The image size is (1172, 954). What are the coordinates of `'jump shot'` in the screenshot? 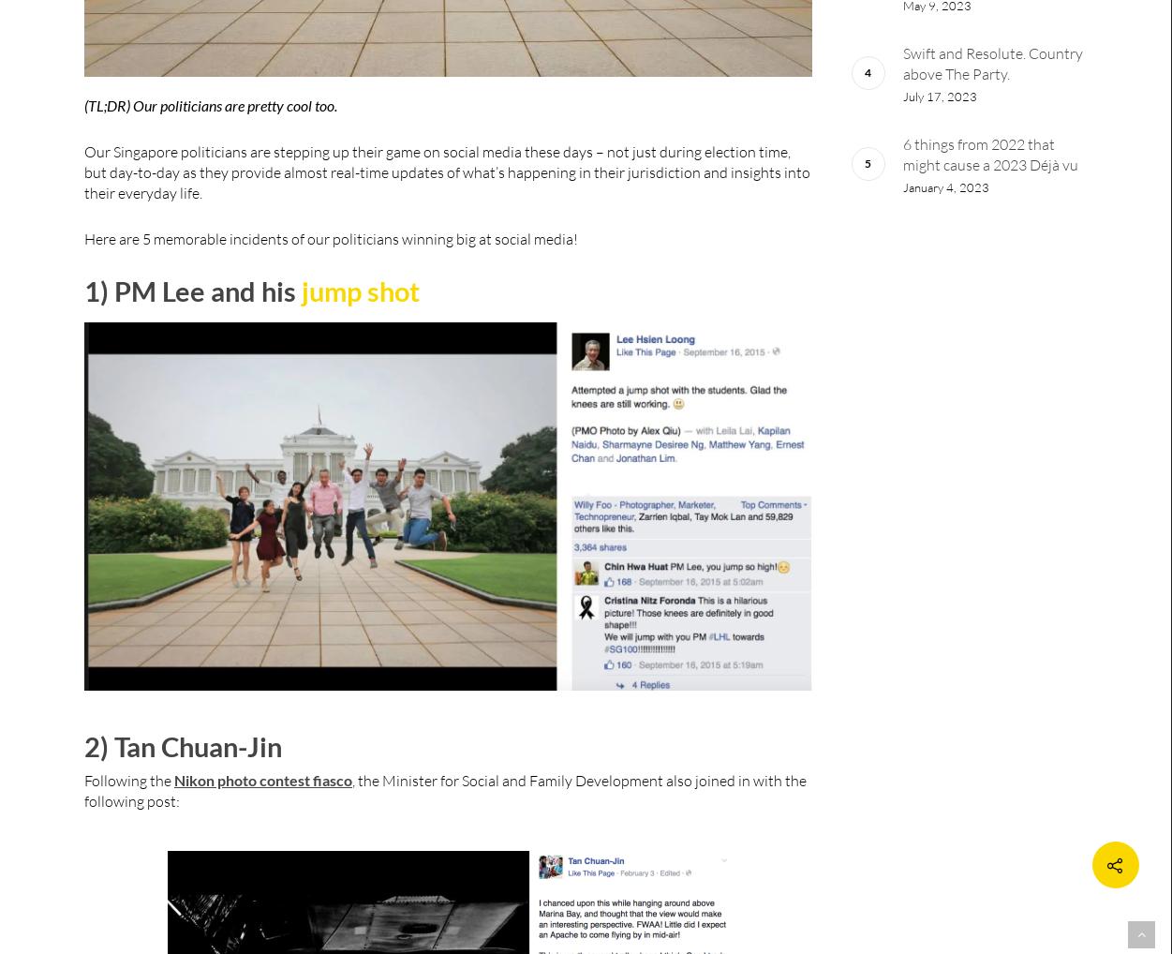 It's located at (360, 290).